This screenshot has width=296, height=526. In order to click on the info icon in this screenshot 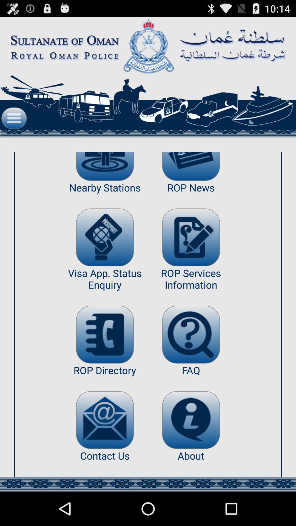, I will do `click(191, 450)`.